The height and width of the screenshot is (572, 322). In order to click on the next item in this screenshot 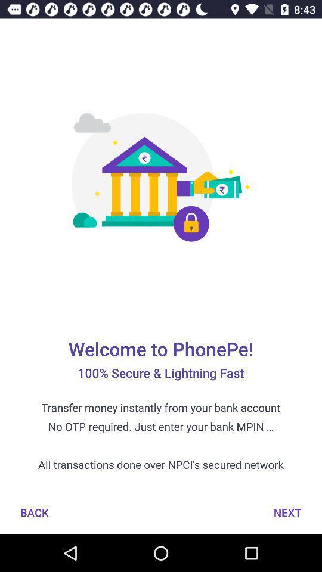, I will do `click(287, 512)`.